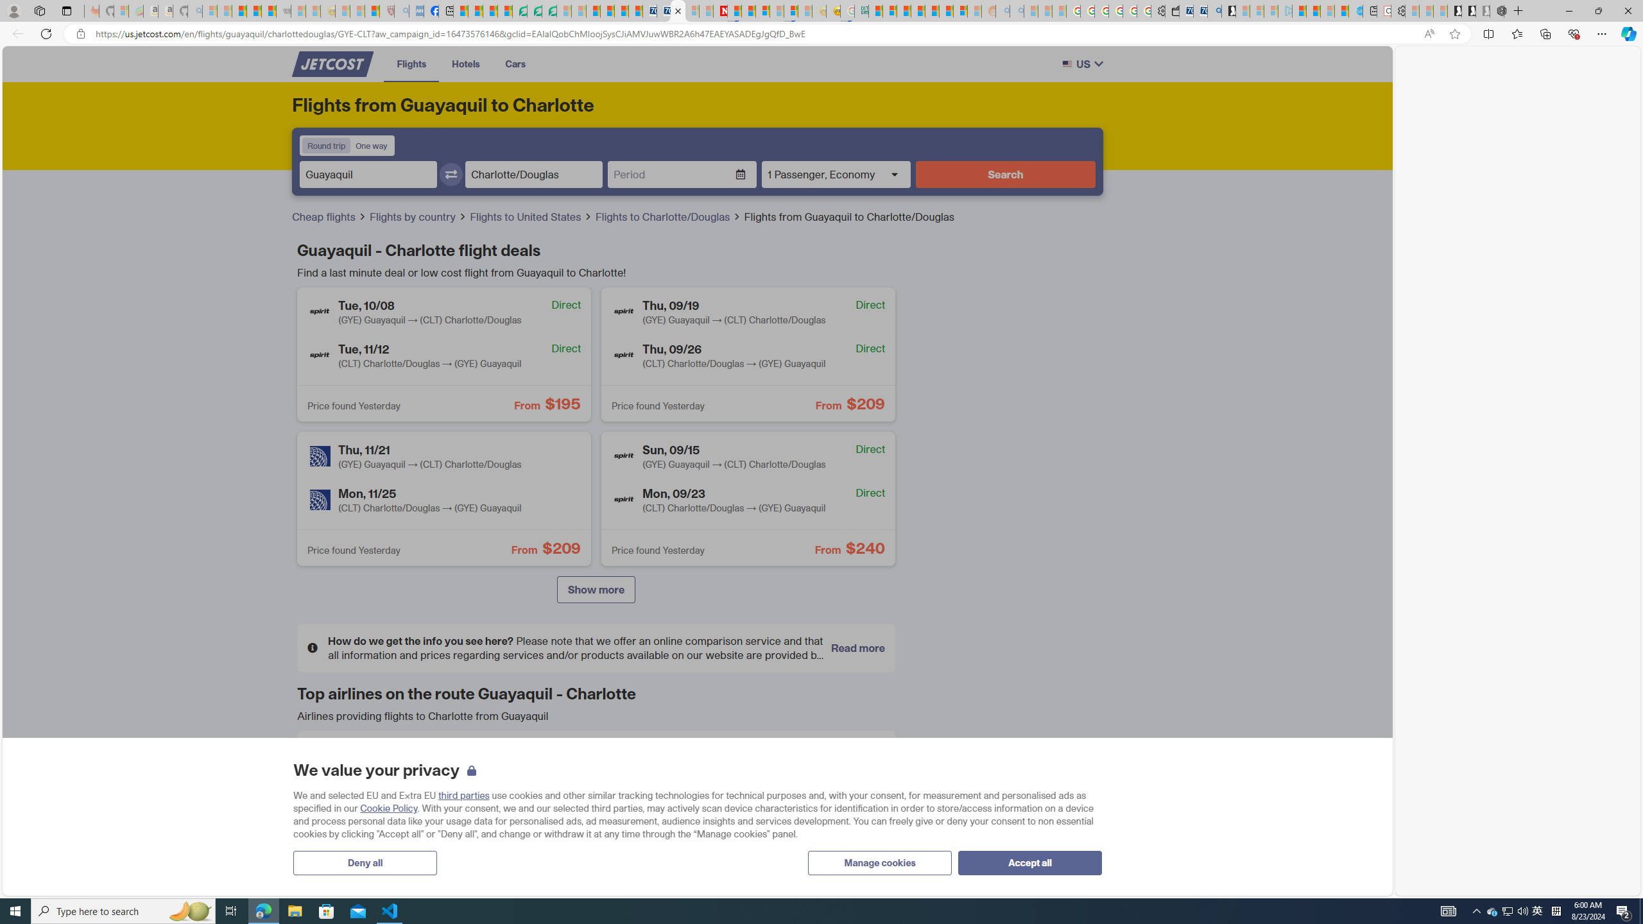 The width and height of the screenshot is (1643, 924). What do you see at coordinates (465, 64) in the screenshot?
I see `'Hotels'` at bounding box center [465, 64].